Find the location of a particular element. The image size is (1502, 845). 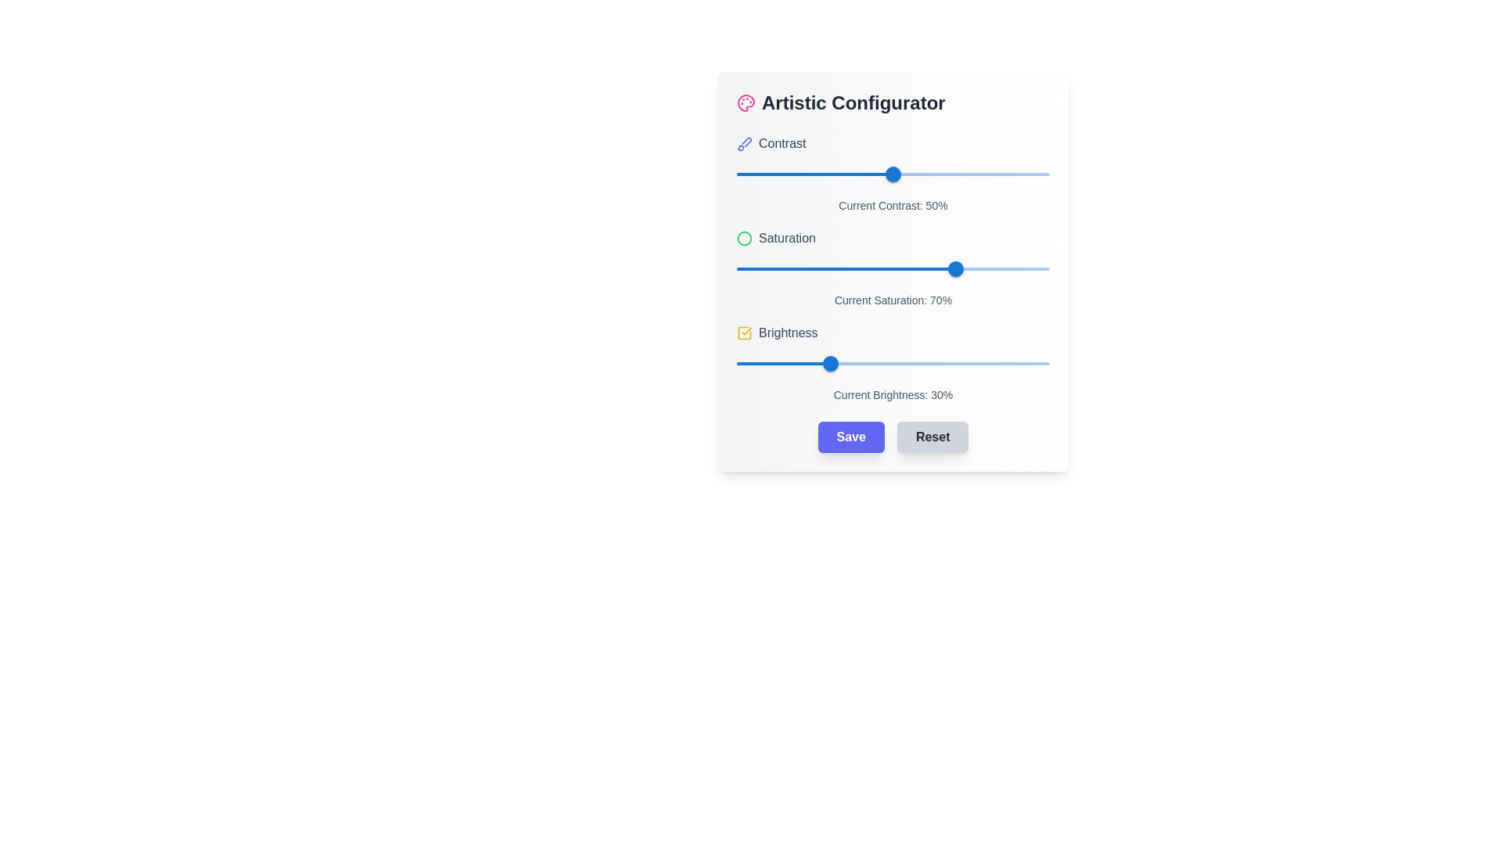

the brightness level is located at coordinates (851, 364).